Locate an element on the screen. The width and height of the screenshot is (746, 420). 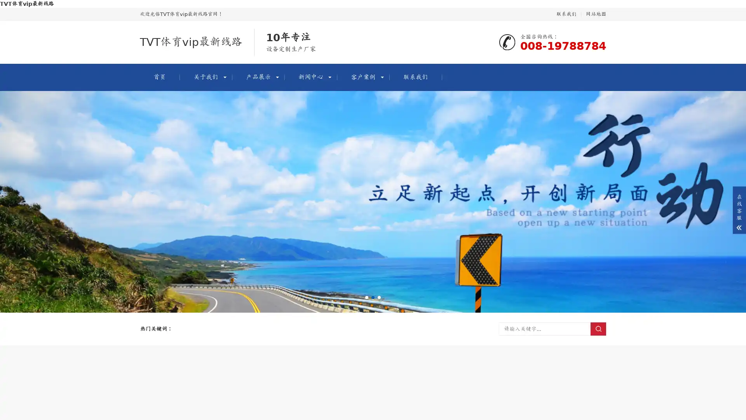
Go to slide 2 is located at coordinates (373, 297).